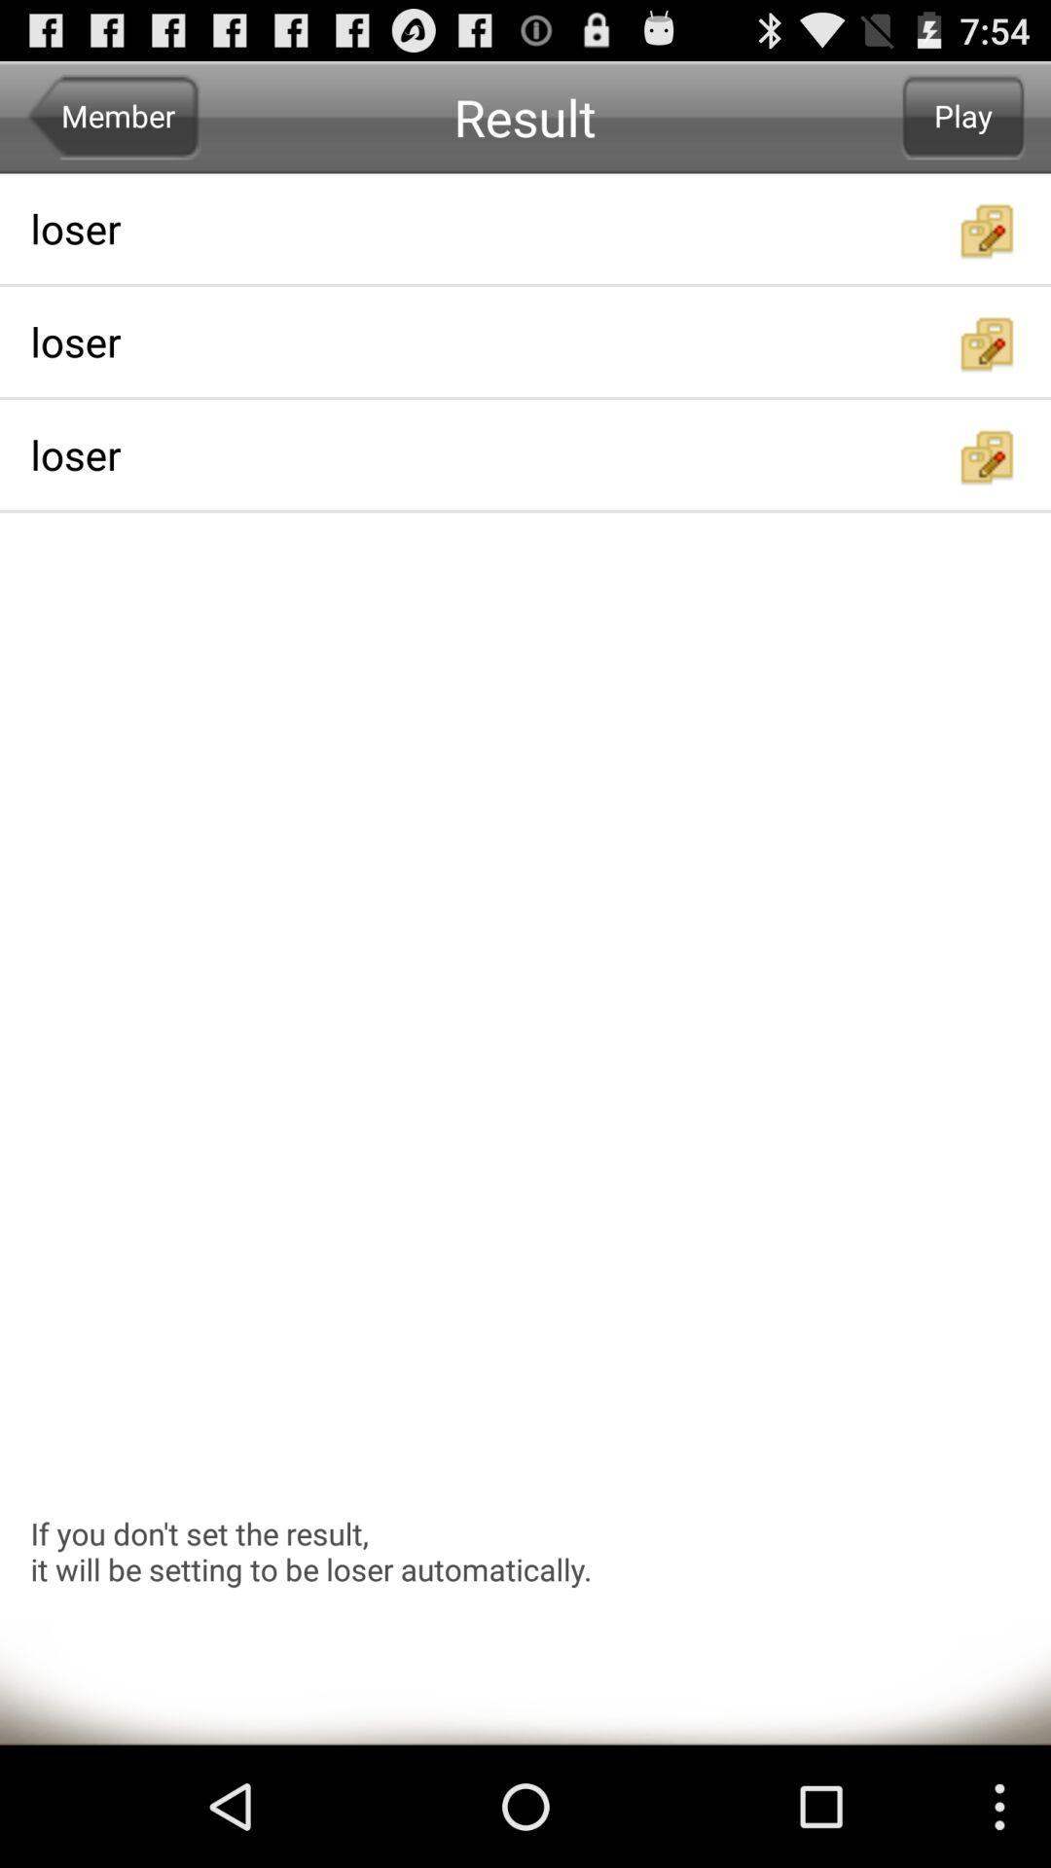 This screenshot has width=1051, height=1868. What do you see at coordinates (988, 230) in the screenshot?
I see `delete result` at bounding box center [988, 230].